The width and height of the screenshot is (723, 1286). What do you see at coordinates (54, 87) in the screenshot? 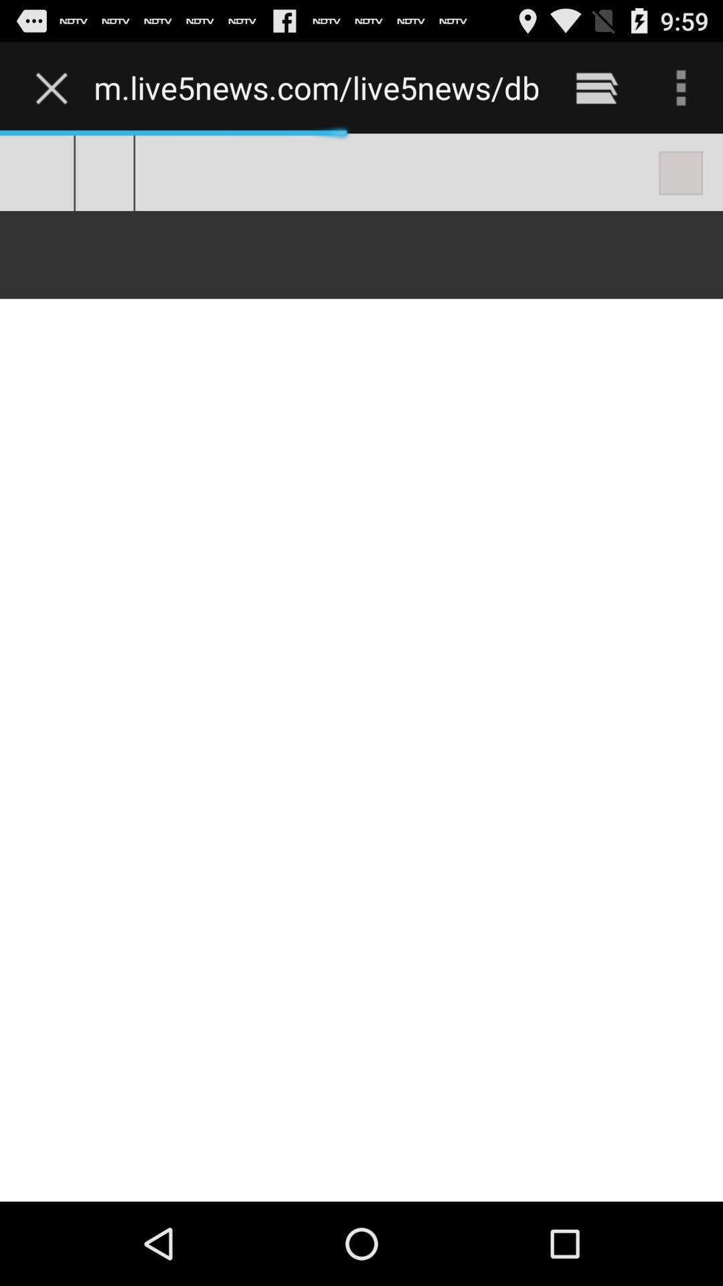
I see `the item next to the m live5news com item` at bounding box center [54, 87].